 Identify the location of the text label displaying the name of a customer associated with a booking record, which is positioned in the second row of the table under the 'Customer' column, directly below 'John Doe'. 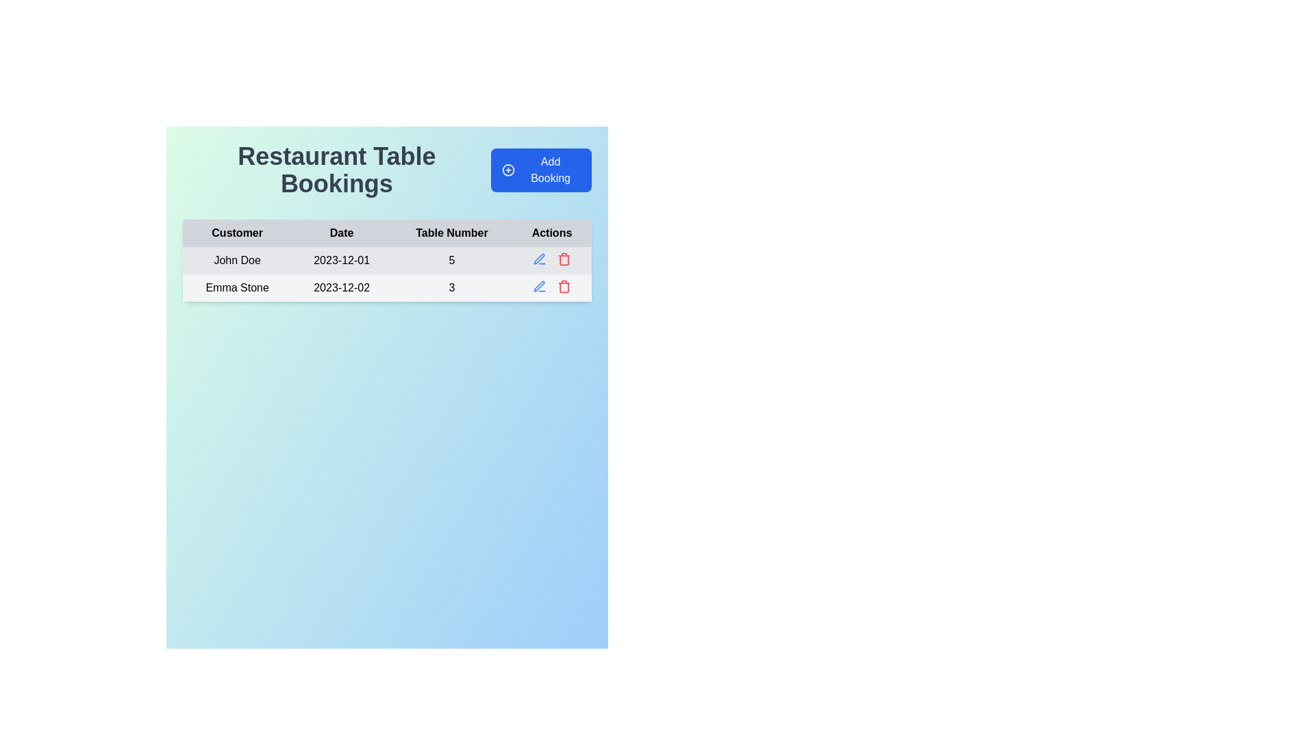
(237, 287).